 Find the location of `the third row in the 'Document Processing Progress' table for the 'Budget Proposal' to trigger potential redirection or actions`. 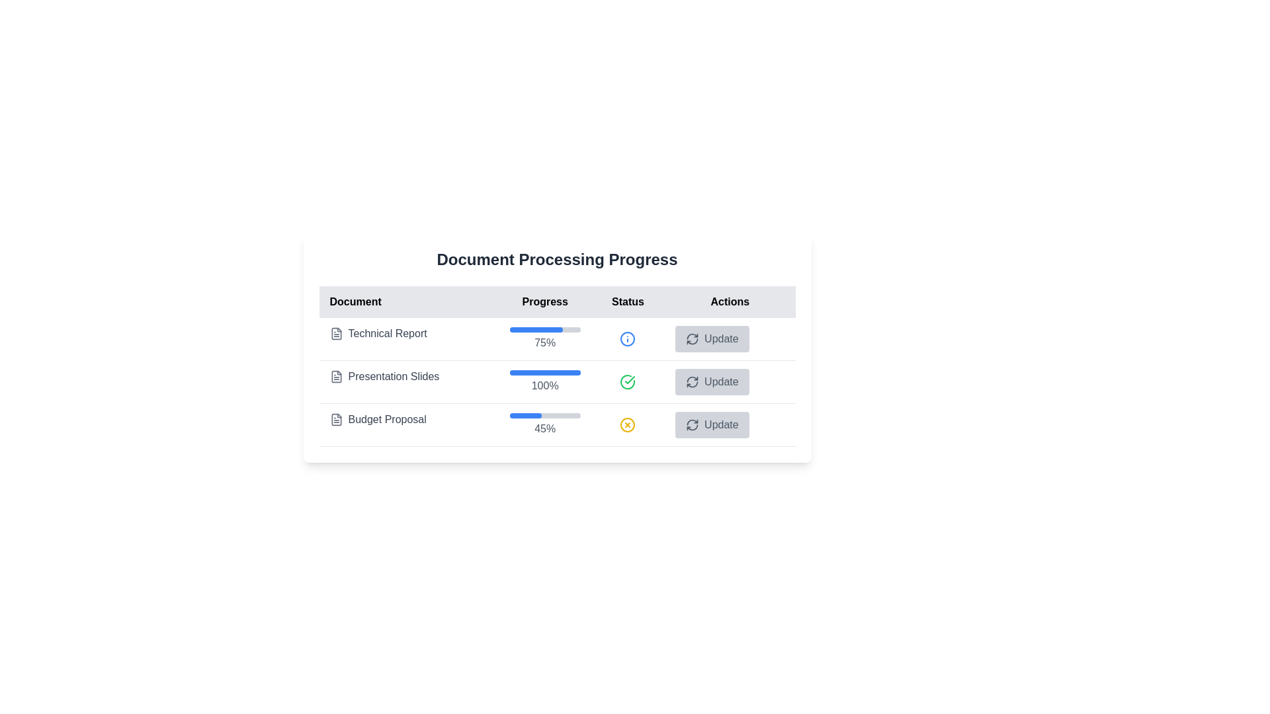

the third row in the 'Document Processing Progress' table for the 'Budget Proposal' to trigger potential redirection or actions is located at coordinates (557, 425).